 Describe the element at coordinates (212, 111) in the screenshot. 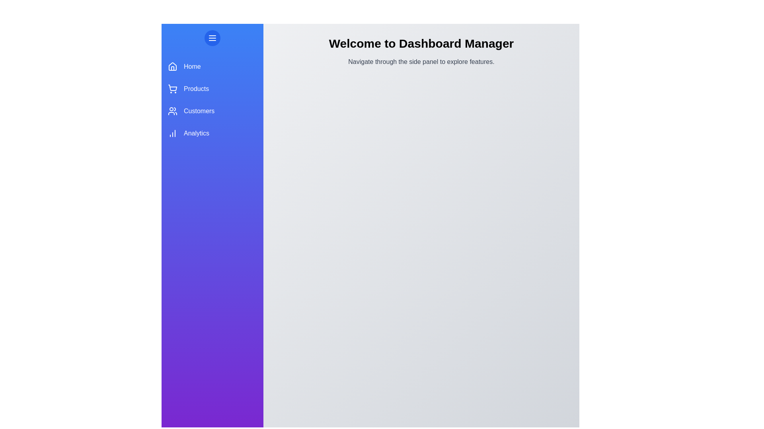

I see `the sidebar item Customers to observe its hover effect` at that location.